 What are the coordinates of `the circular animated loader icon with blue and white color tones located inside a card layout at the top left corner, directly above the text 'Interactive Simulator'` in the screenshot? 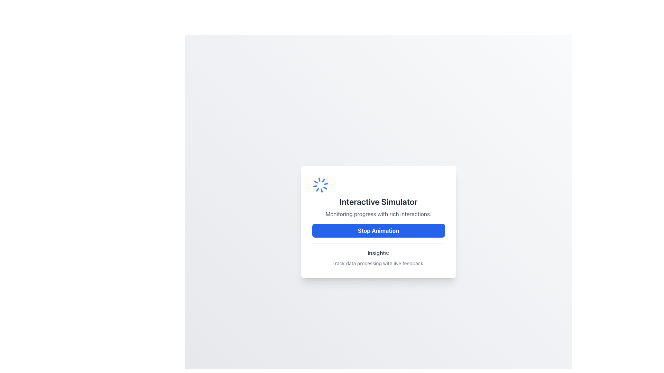 It's located at (320, 184).